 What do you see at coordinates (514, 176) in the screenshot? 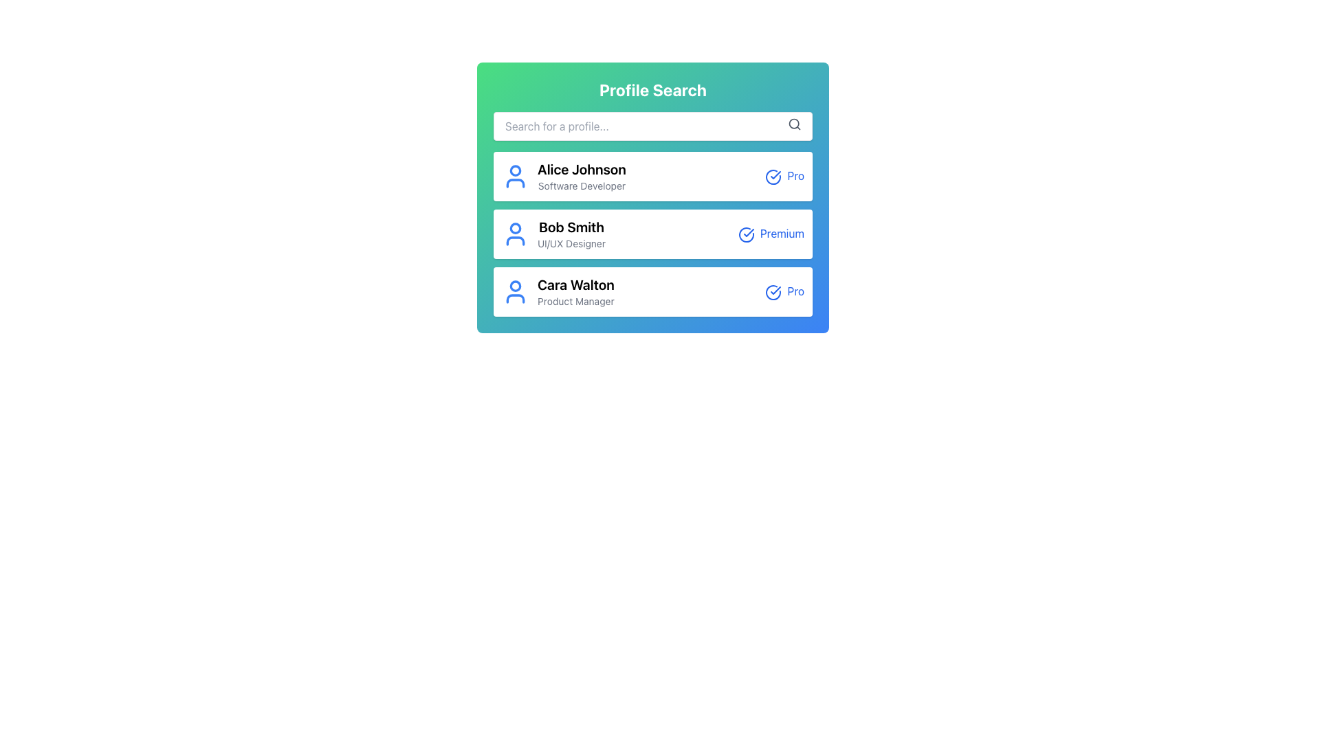
I see `the user silhouette icon with a blue stroke color located in the first profile box containing the name 'Alice Johnson' and title 'Software Developer'` at bounding box center [514, 176].